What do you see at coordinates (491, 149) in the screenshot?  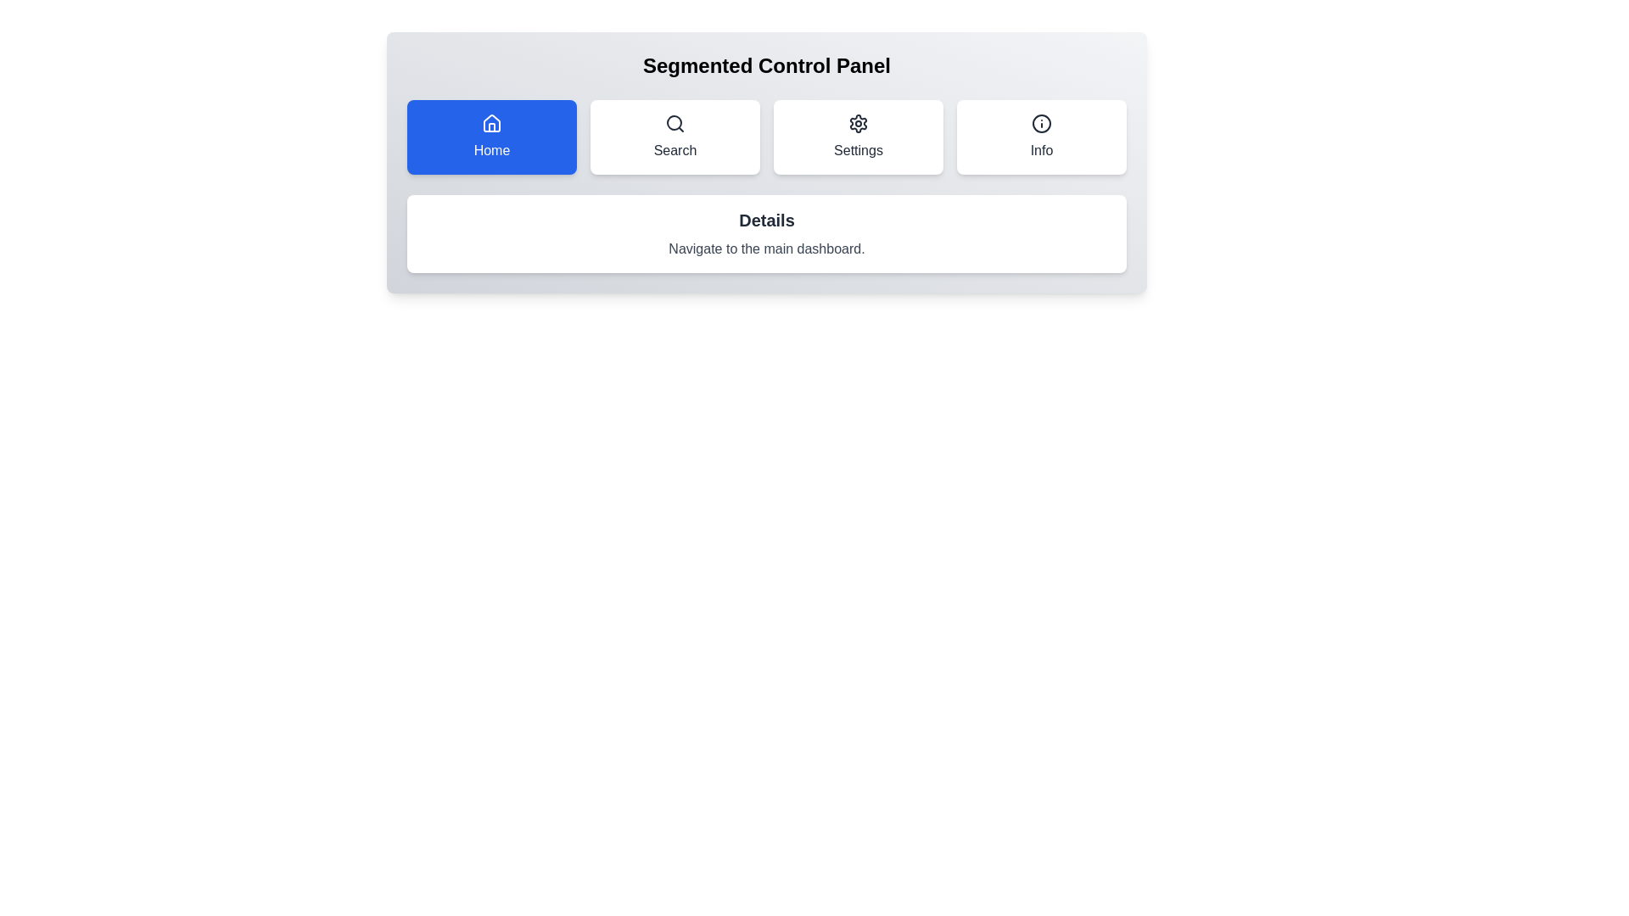 I see `text displayed in the 'Home' text label, which is positioned below a house-shaped icon in a blue rectangular button on the navigation panel` at bounding box center [491, 149].